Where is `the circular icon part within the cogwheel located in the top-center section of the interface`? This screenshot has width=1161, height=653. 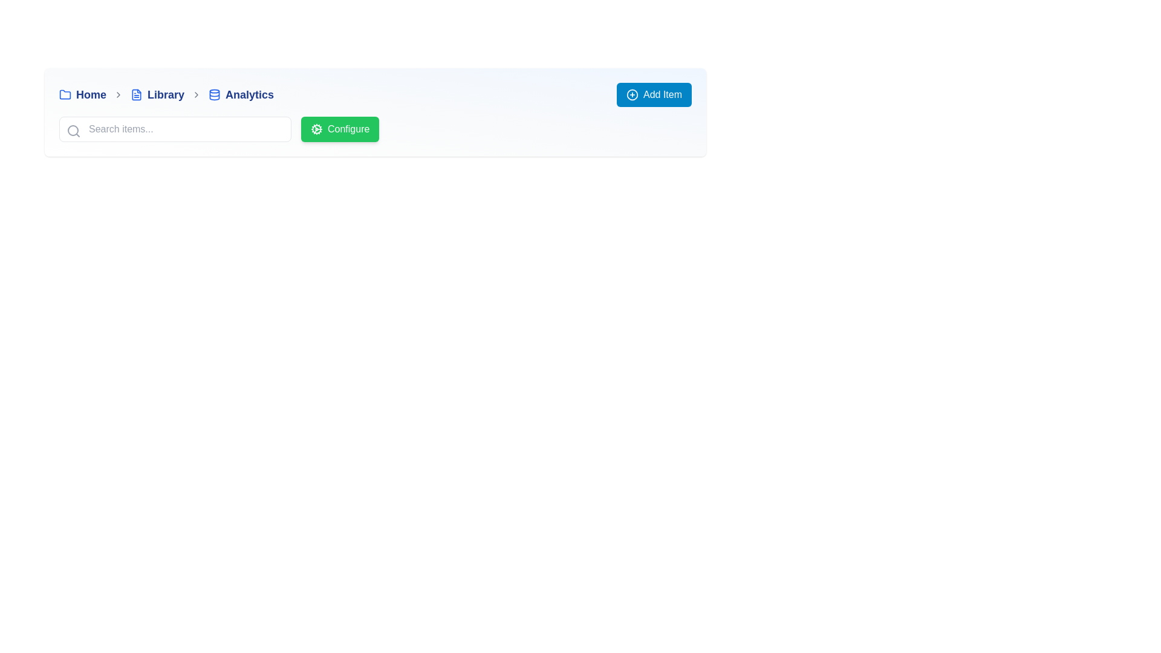
the circular icon part within the cogwheel located in the top-center section of the interface is located at coordinates (316, 129).